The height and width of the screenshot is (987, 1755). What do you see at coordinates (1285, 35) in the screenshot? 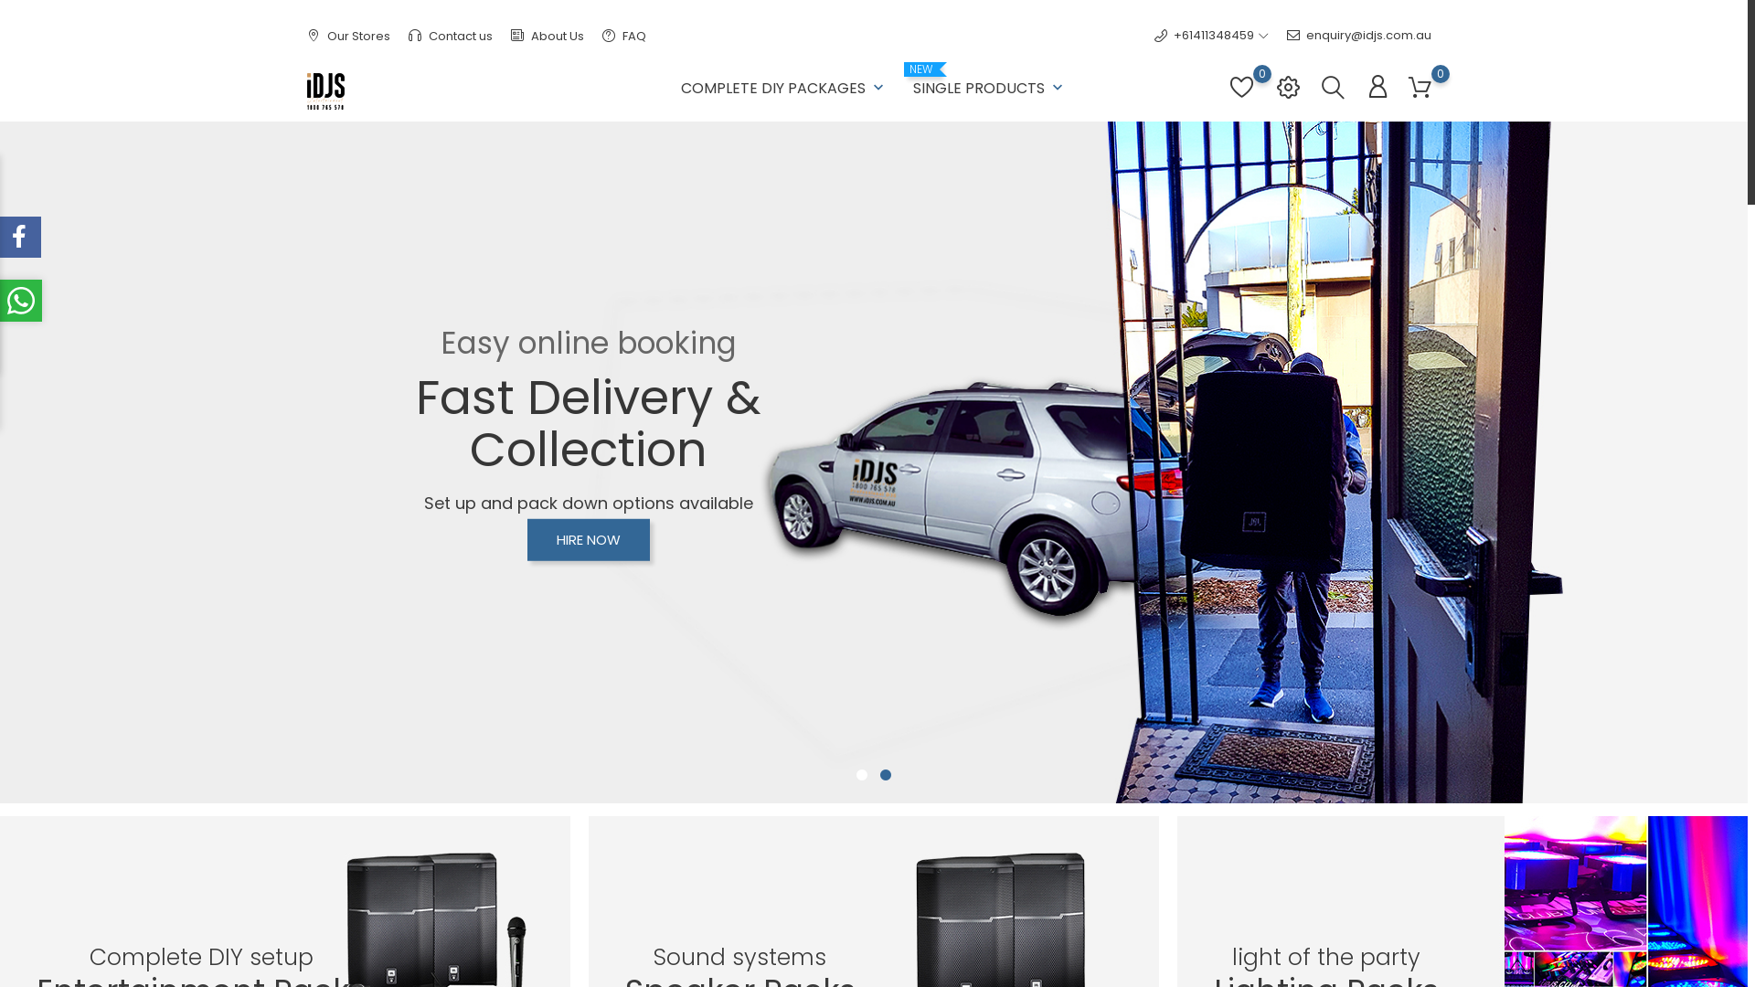
I see `'enquiry@idjs.com.au'` at bounding box center [1285, 35].